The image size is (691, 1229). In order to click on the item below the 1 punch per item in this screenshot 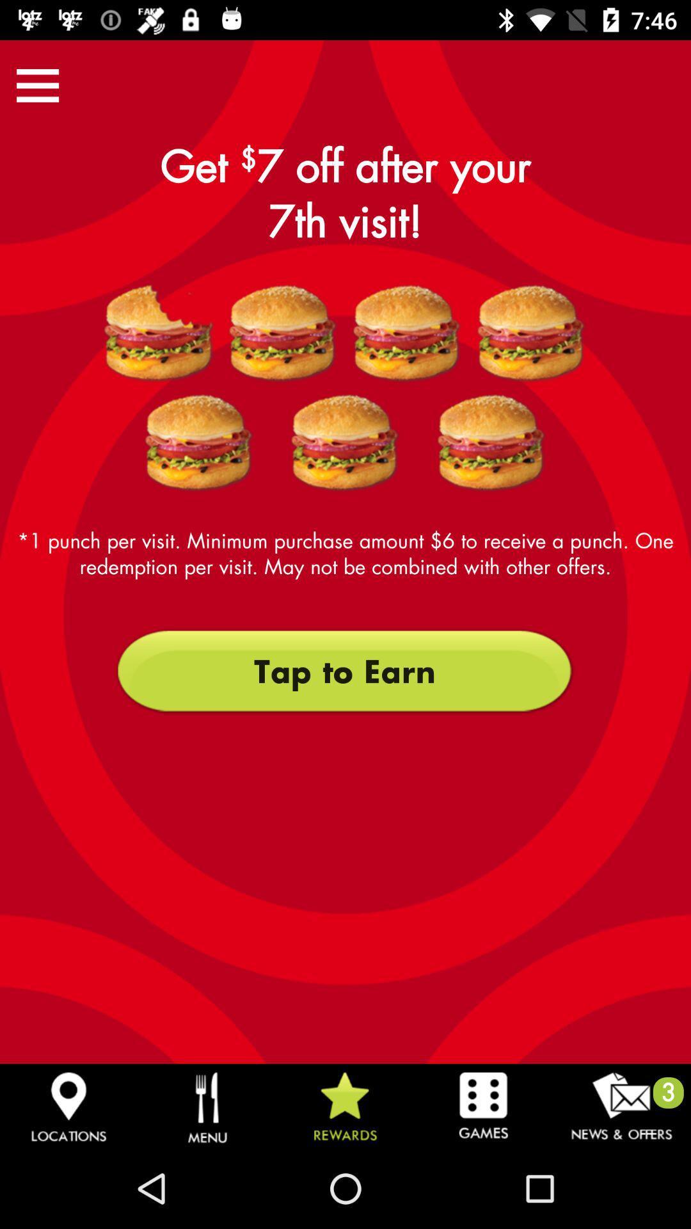, I will do `click(344, 671)`.